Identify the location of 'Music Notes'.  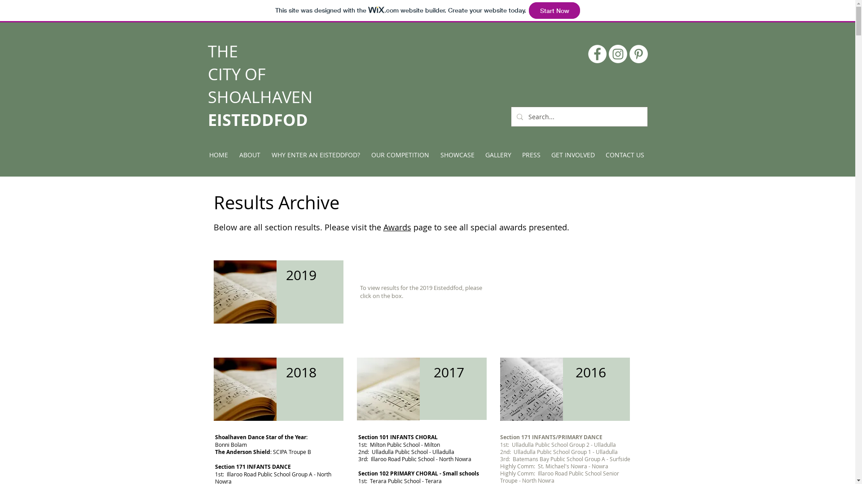
(245, 389).